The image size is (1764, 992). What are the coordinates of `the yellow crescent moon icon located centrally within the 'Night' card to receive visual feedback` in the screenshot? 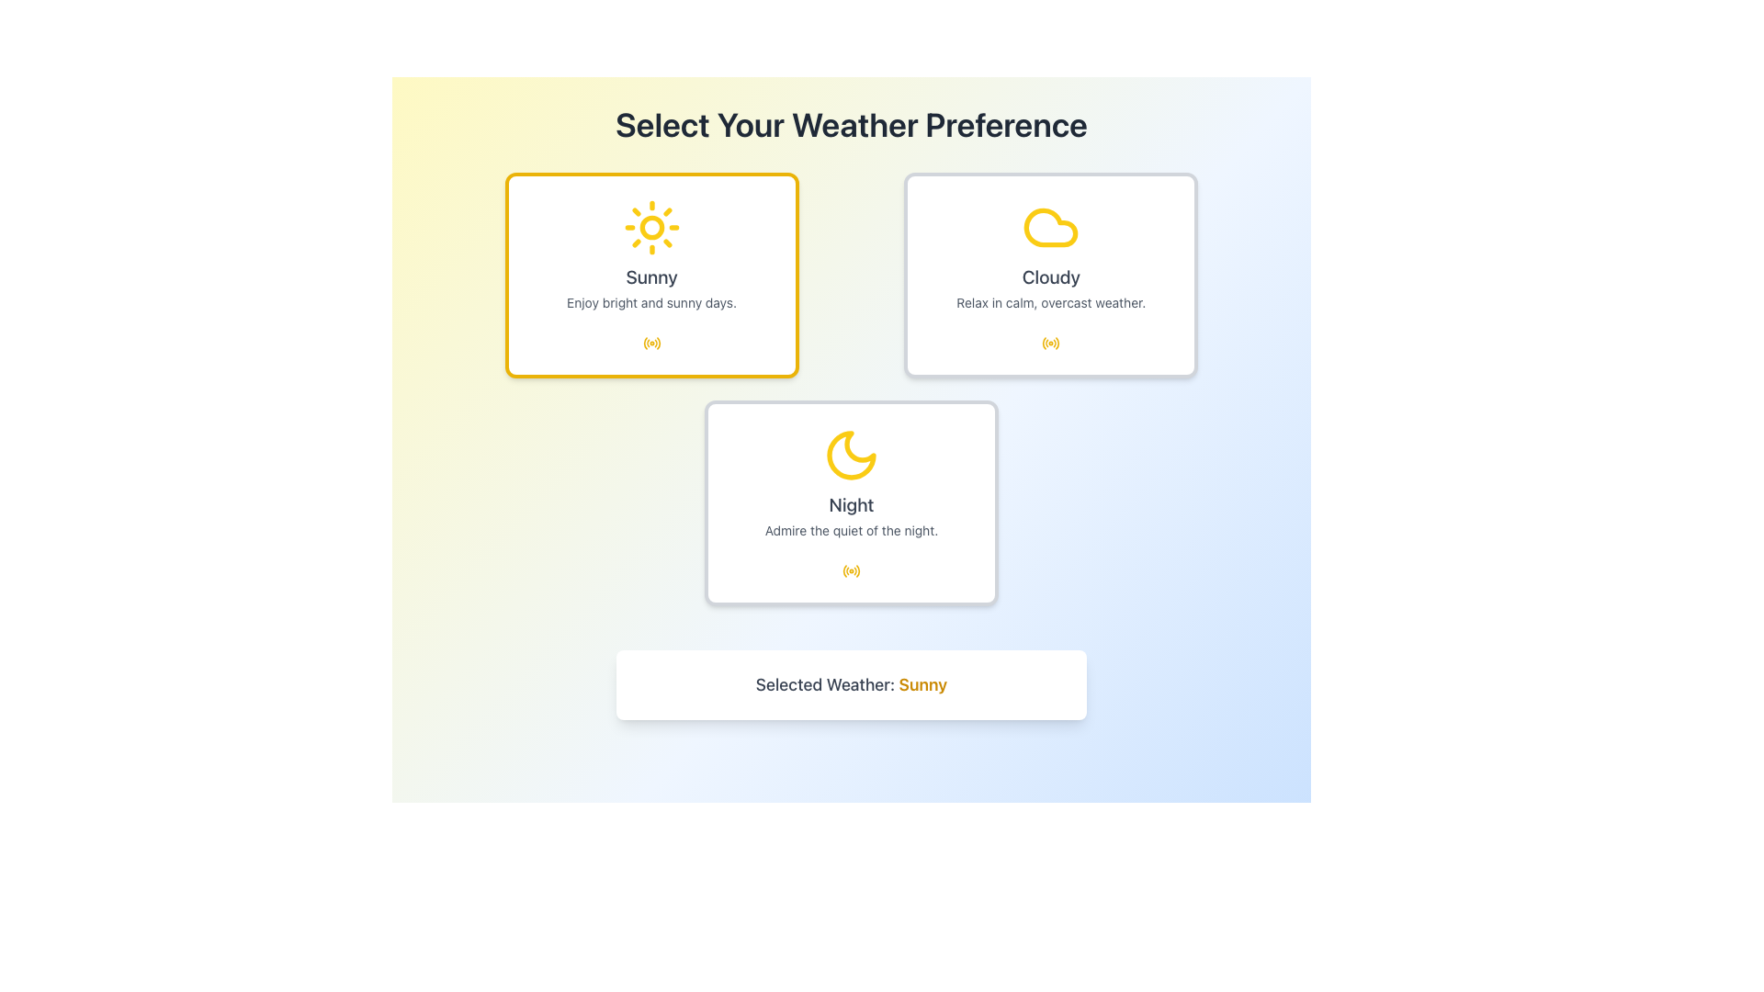 It's located at (850, 455).